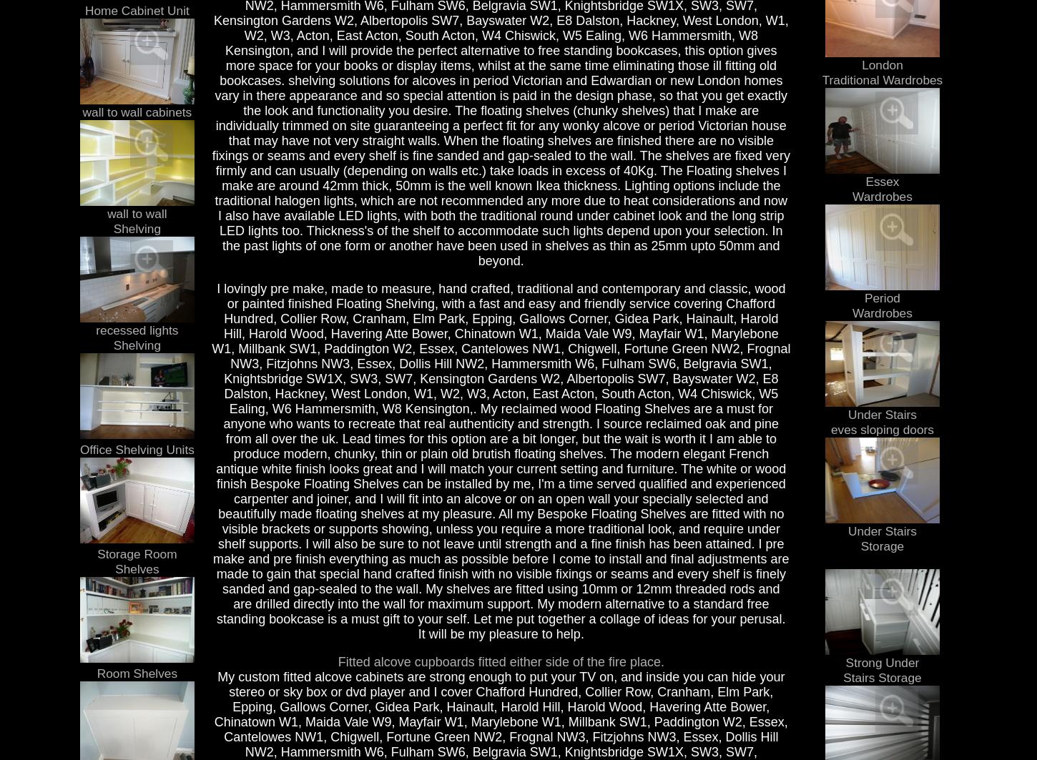  I want to click on 'Room Shelves', so click(136, 671).